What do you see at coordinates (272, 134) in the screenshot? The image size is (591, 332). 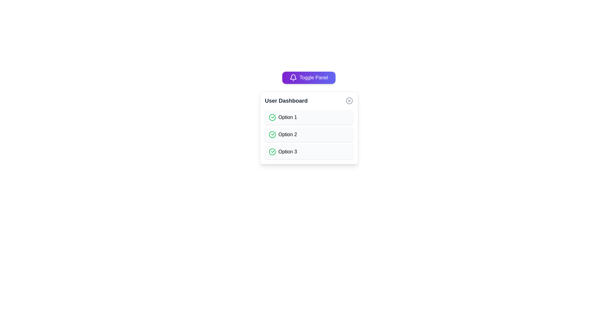 I see `the state of the green circular checkmark icon associated with 'Option 2' in the vertically stacked list` at bounding box center [272, 134].